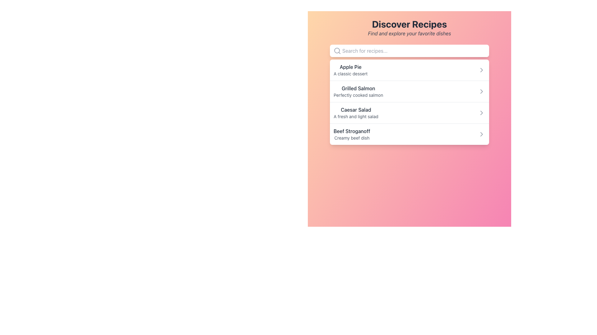 This screenshot has width=597, height=335. Describe the element at coordinates (358, 91) in the screenshot. I see `the 'Grilled Salmon' title and description element` at that location.